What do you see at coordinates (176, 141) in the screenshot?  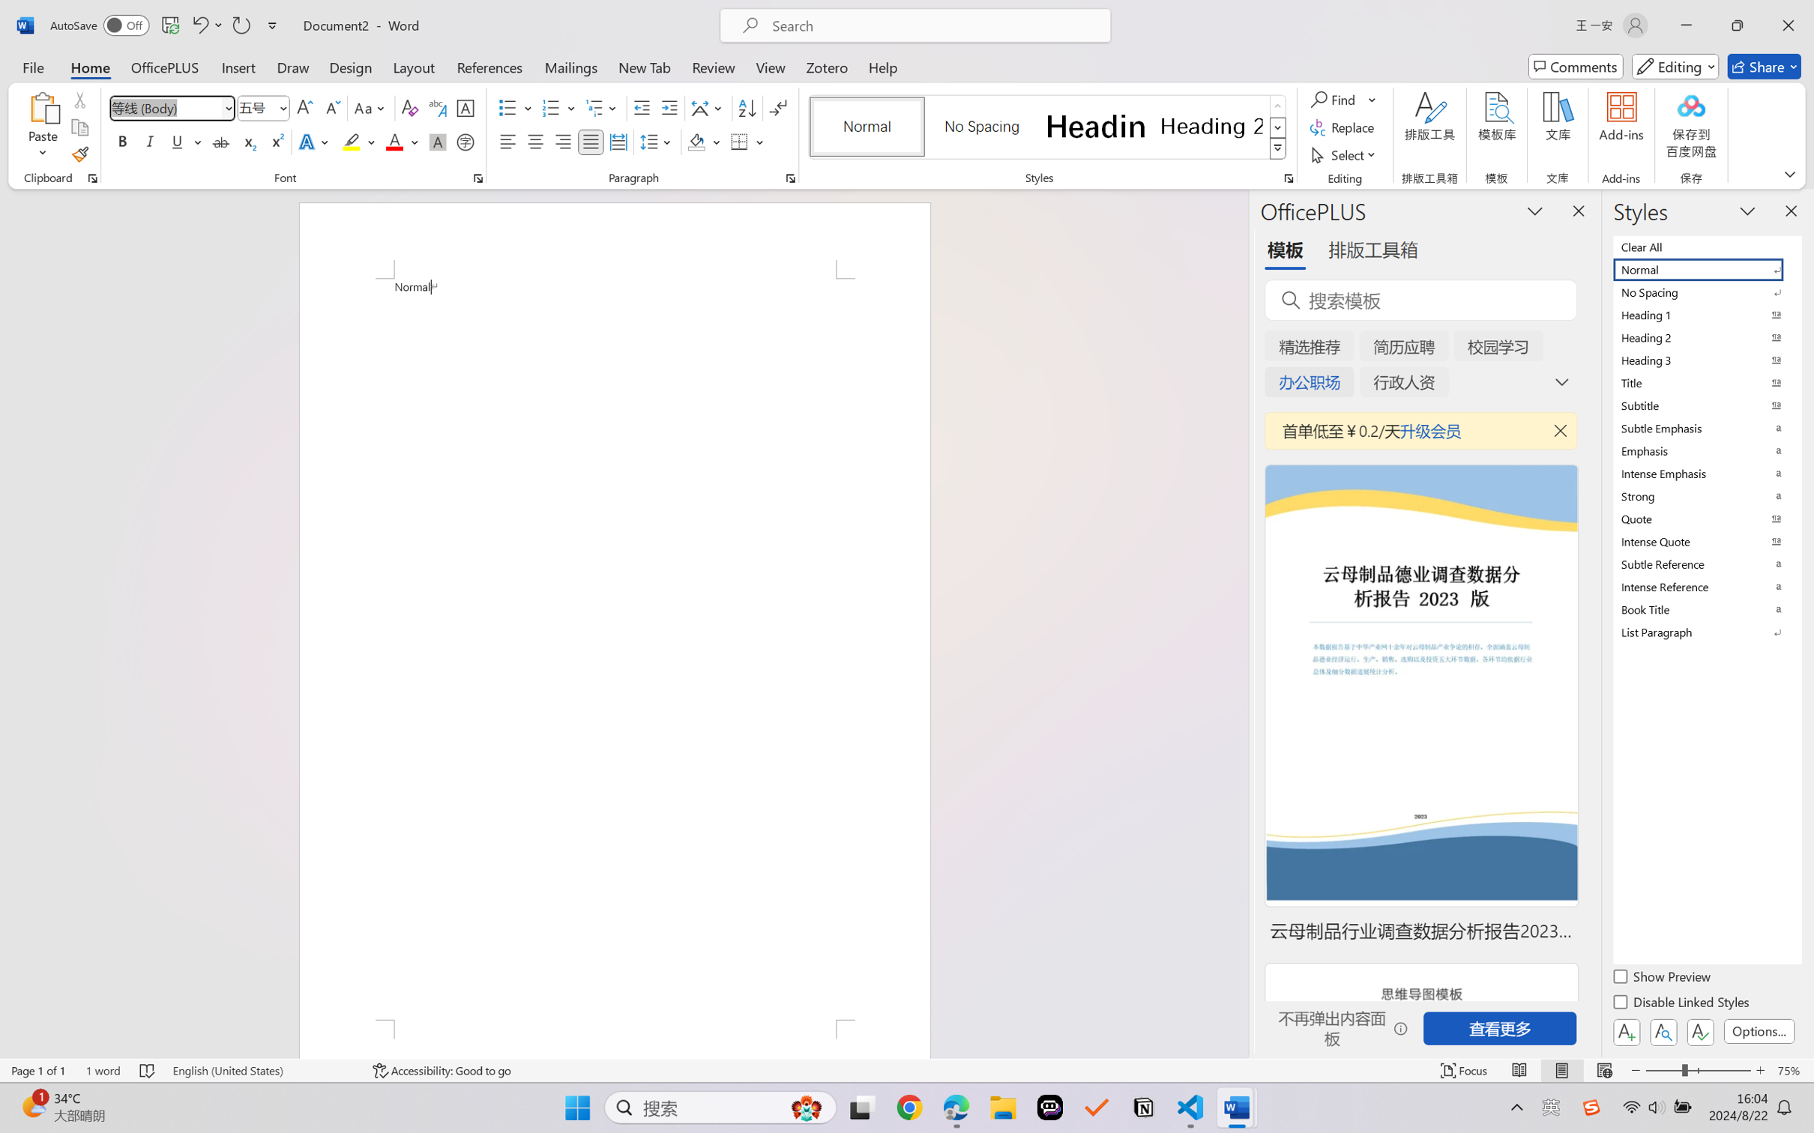 I see `'Underline'` at bounding box center [176, 141].